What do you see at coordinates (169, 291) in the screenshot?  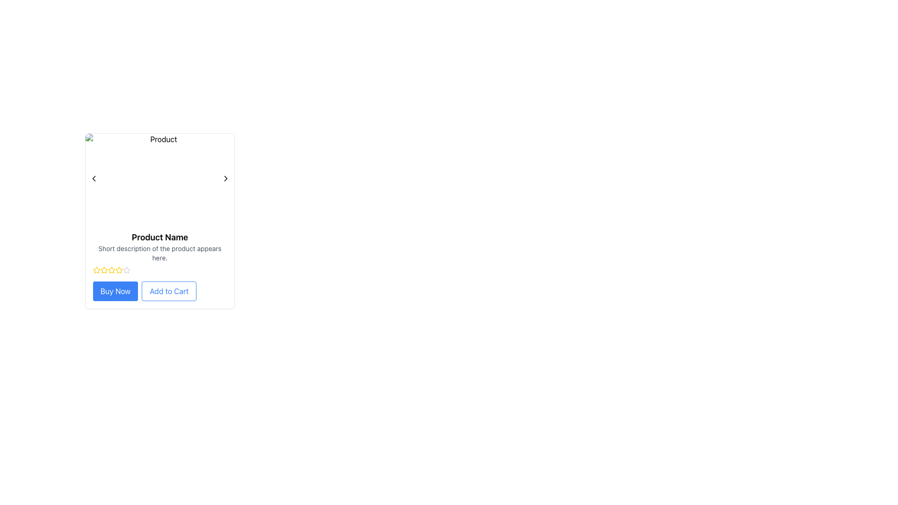 I see `the 'Add to Cart' button located in the lower portion of the product card interface, which is to the right of the 'Buy Now' button` at bounding box center [169, 291].